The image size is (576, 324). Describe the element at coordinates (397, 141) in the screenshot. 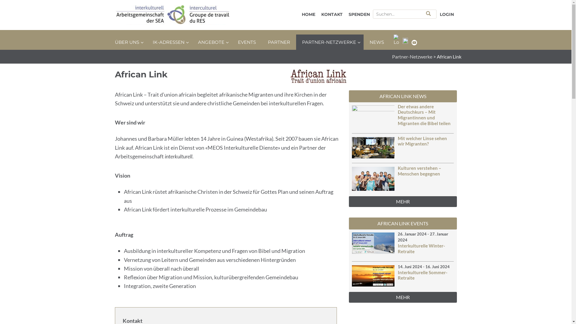

I see `'Mit welcher Linse sehen wir Migranten?'` at that location.